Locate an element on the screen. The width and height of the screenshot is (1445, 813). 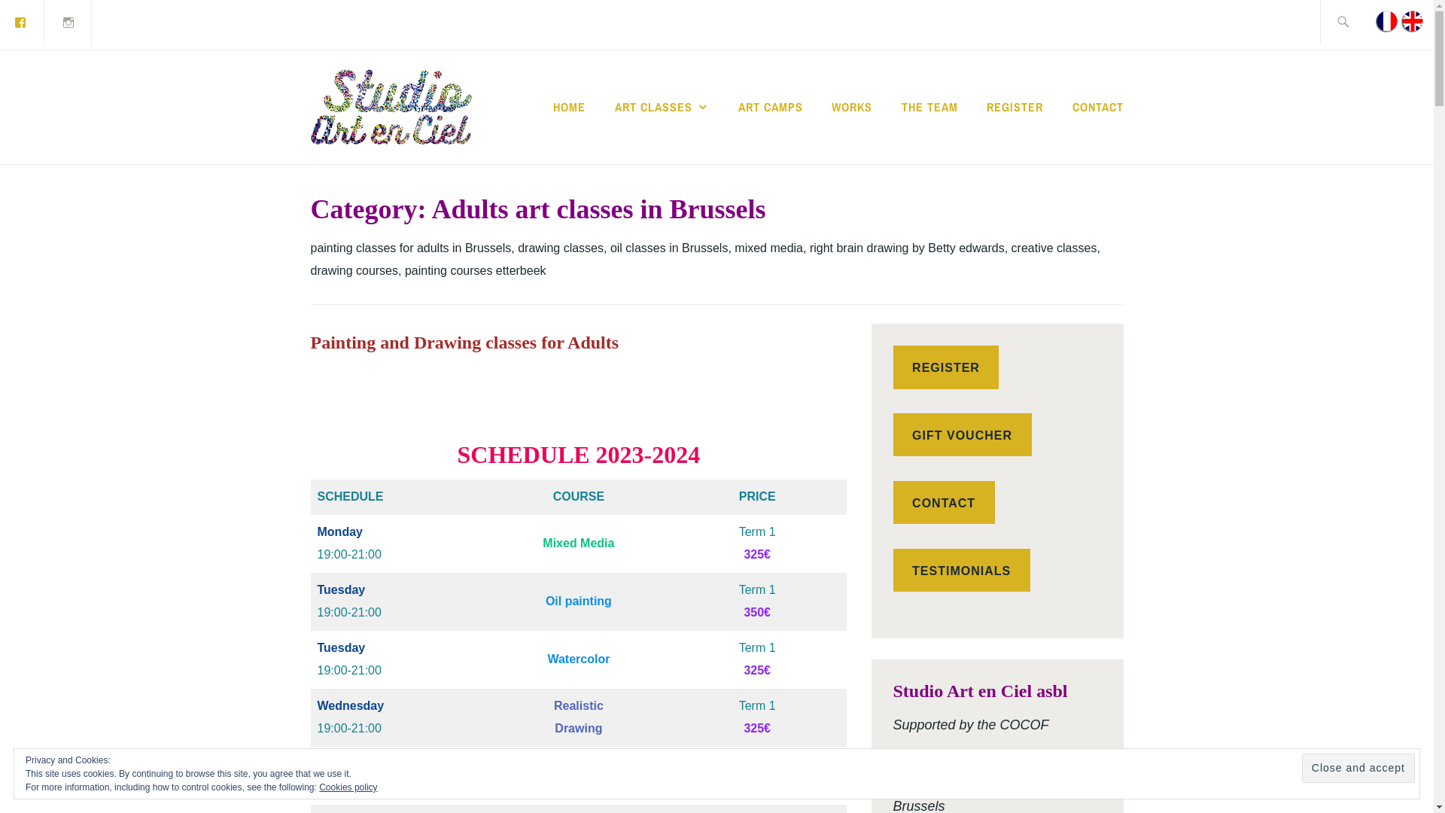
'GIFT VOUCHER' is located at coordinates (892, 435).